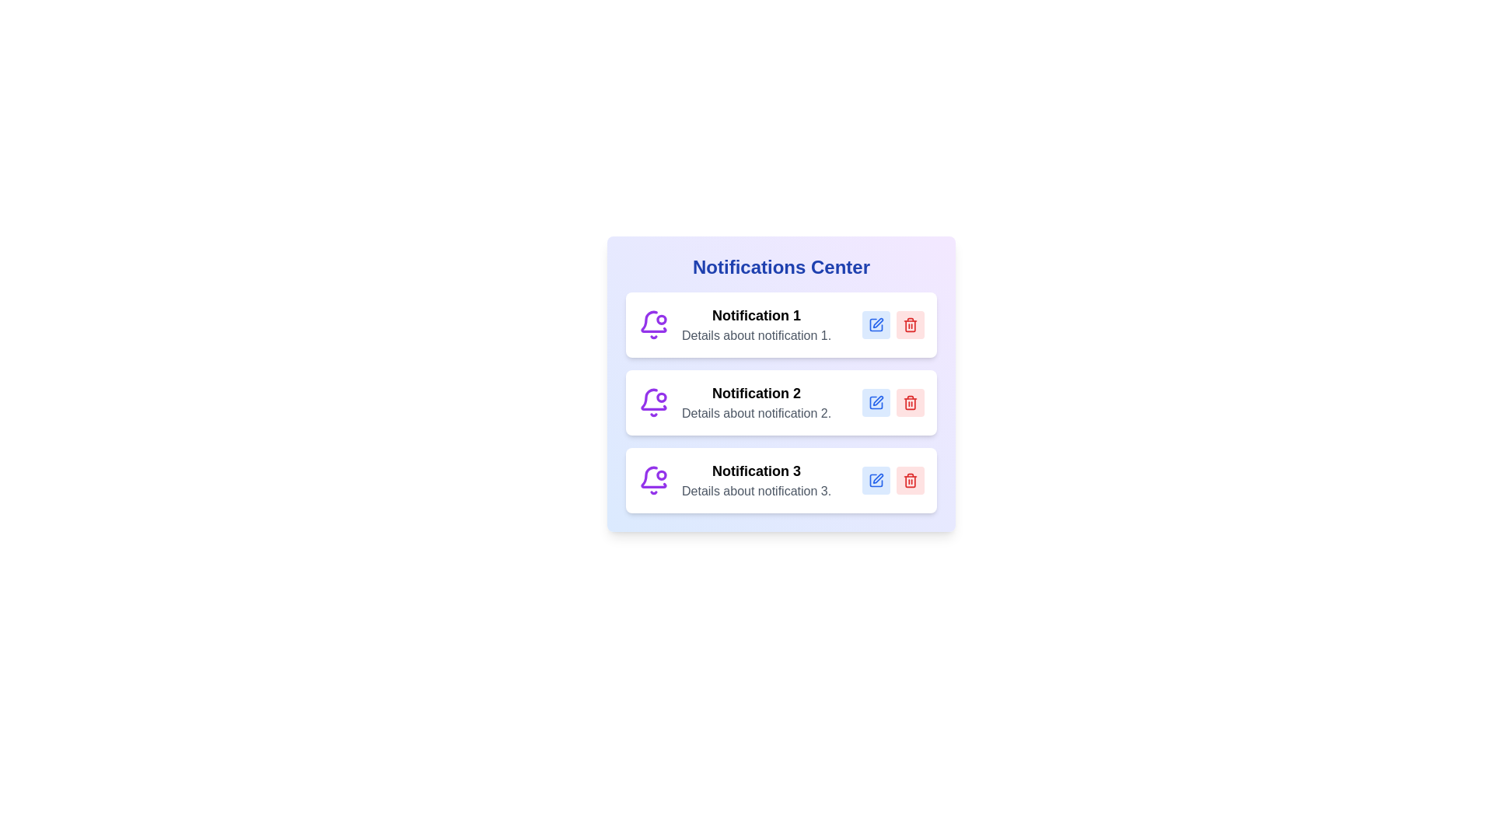 Image resolution: width=1493 pixels, height=840 pixels. I want to click on the light blue pen icon located in the second notification card from the top, positioned to the right of the card content and next to the red trash icon, so click(878, 400).